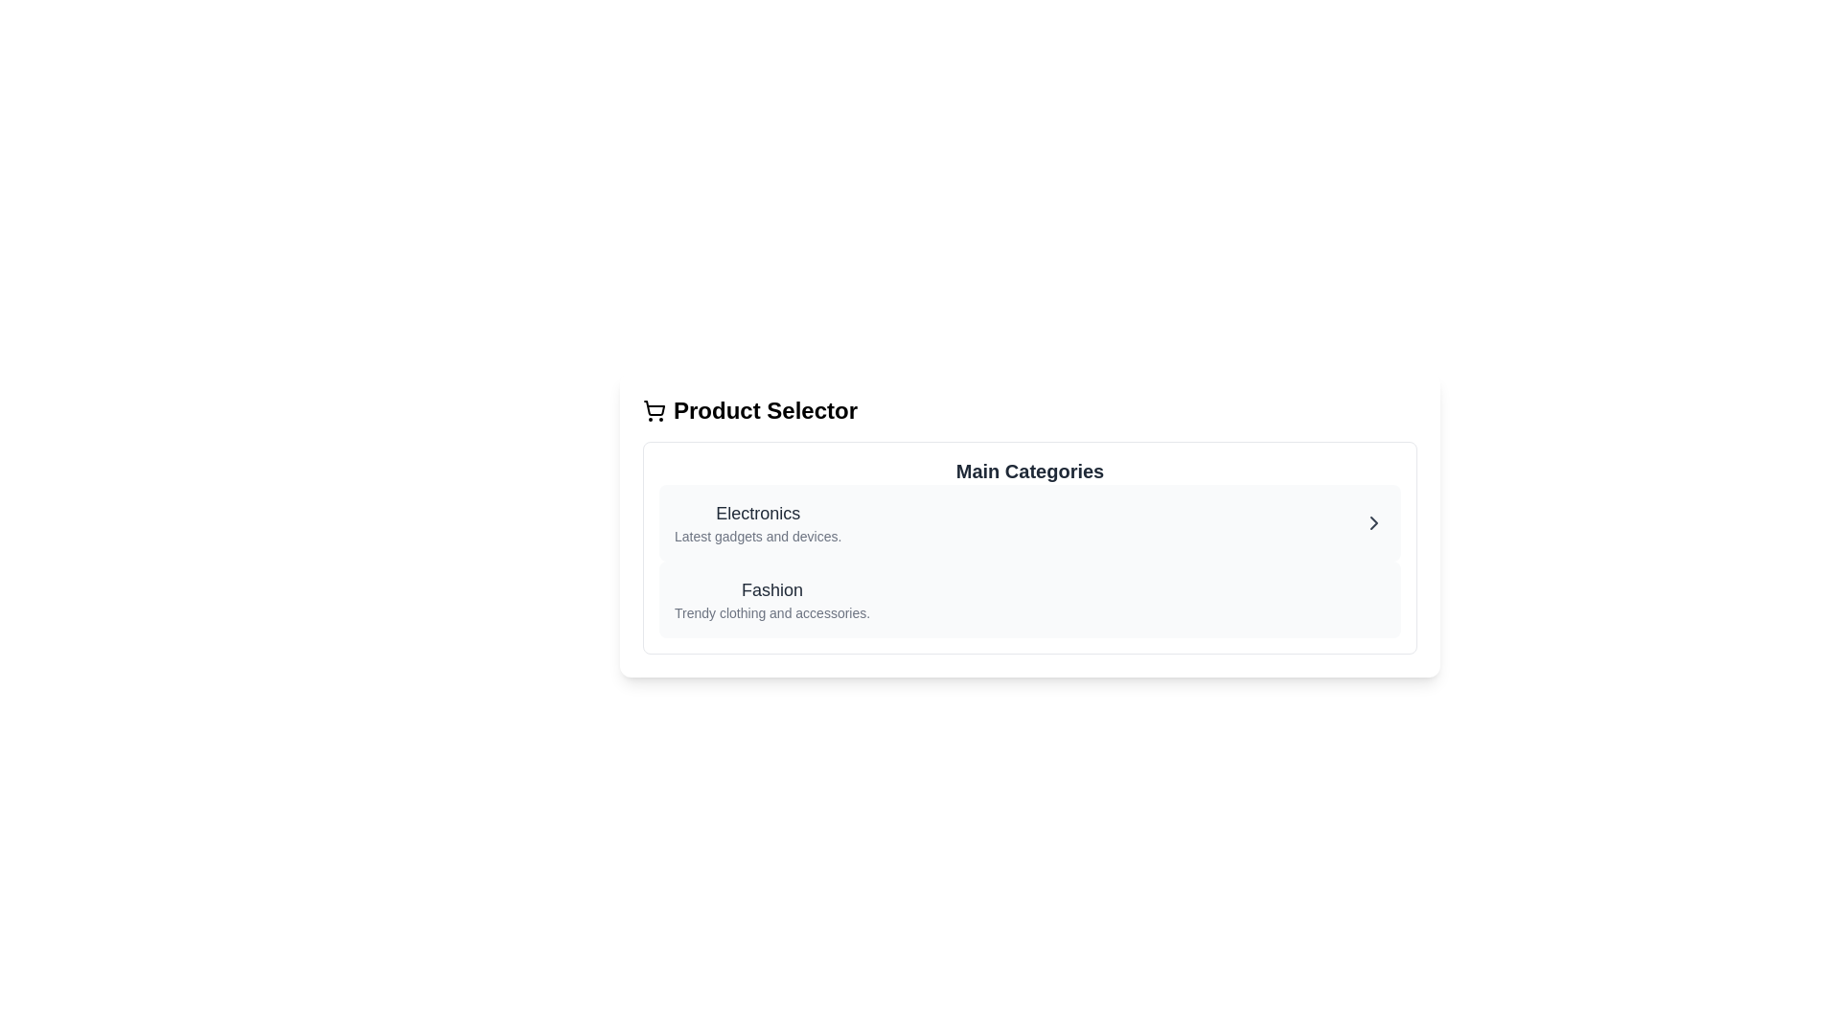 The width and height of the screenshot is (1840, 1035). What do you see at coordinates (772, 613) in the screenshot?
I see `the descriptive text label associated with the 'Fashion' category located directly below the 'Fashion' text in the 'Main Categories' section` at bounding box center [772, 613].